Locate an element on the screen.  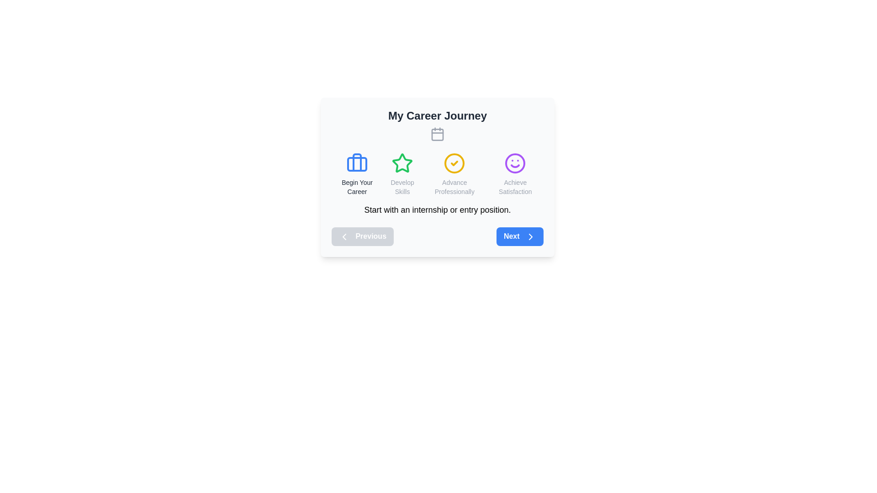
the SVG rectangle component of the calendar icon, which is positioned above the 'Develop Skills' text and centrally aligned with 'My Career Journey.' is located at coordinates (437, 134).